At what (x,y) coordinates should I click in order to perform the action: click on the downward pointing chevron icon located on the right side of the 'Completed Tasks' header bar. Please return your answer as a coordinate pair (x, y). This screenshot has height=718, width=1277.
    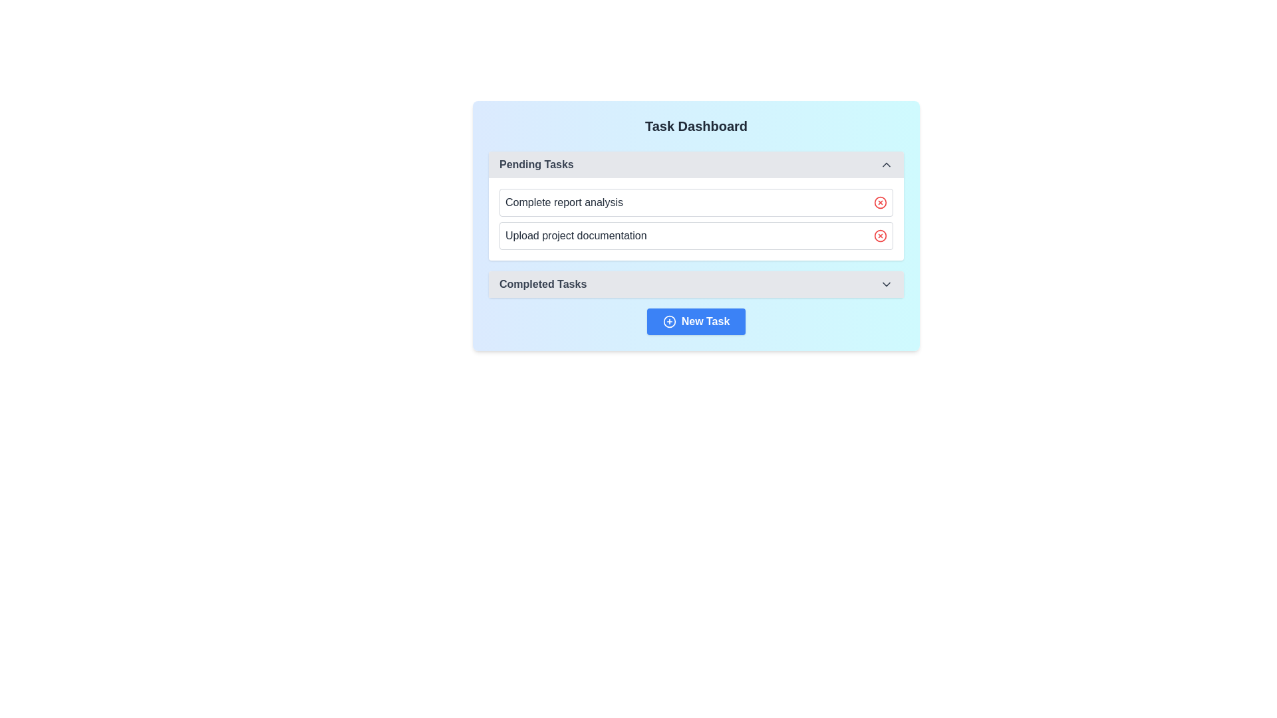
    Looking at the image, I should click on (887, 284).